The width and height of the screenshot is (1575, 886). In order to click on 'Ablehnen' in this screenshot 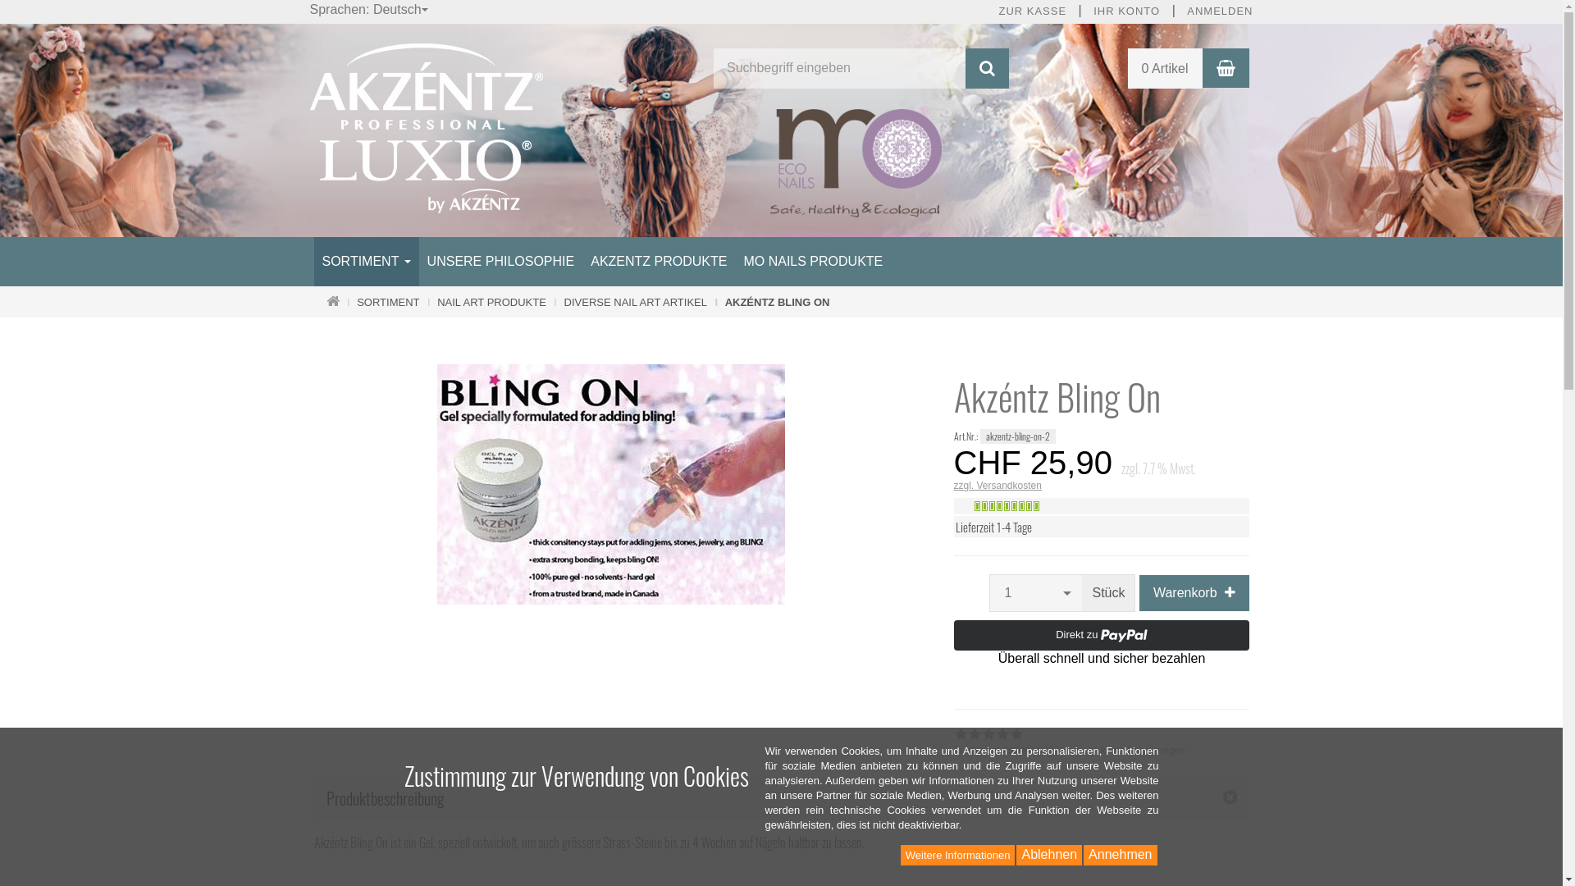, I will do `click(1048, 854)`.